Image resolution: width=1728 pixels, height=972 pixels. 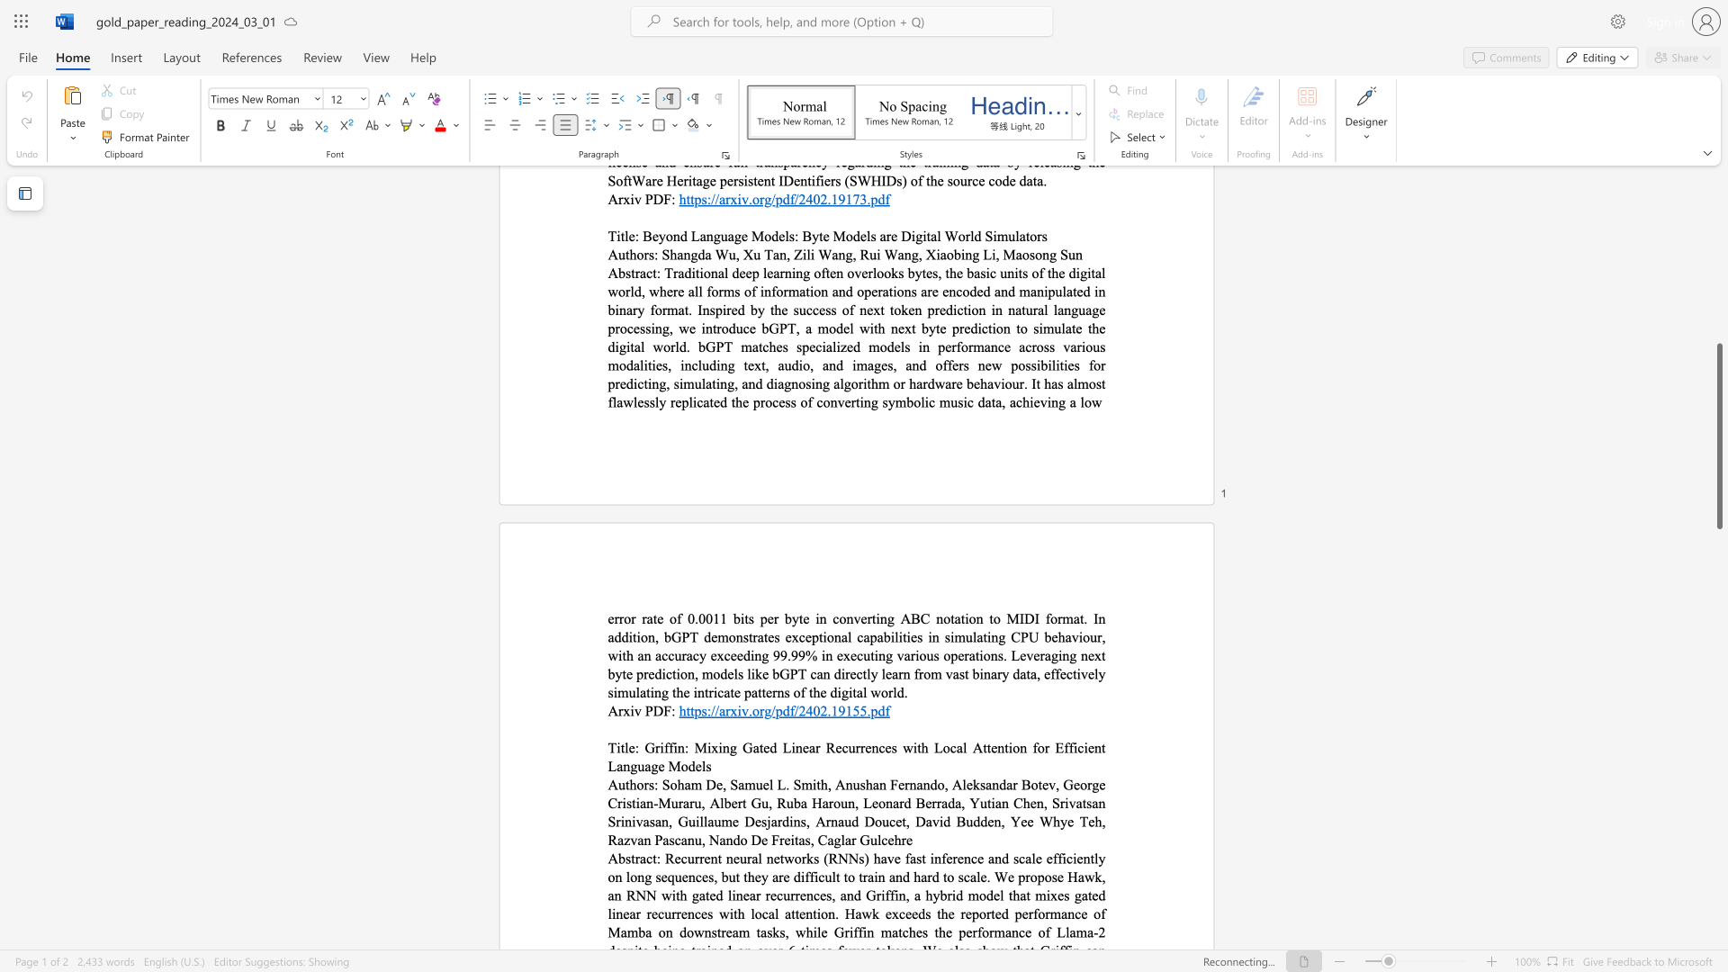 I want to click on the scrollbar to adjust the page upward, so click(x=1718, y=252).